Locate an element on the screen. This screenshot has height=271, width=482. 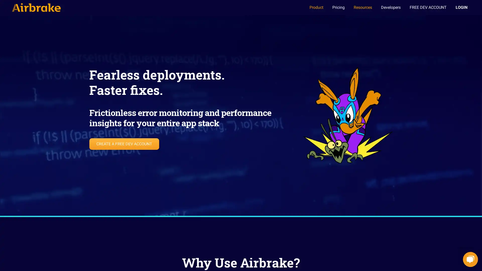
CREATE A FREE DEV ACCOUNT is located at coordinates (124, 144).